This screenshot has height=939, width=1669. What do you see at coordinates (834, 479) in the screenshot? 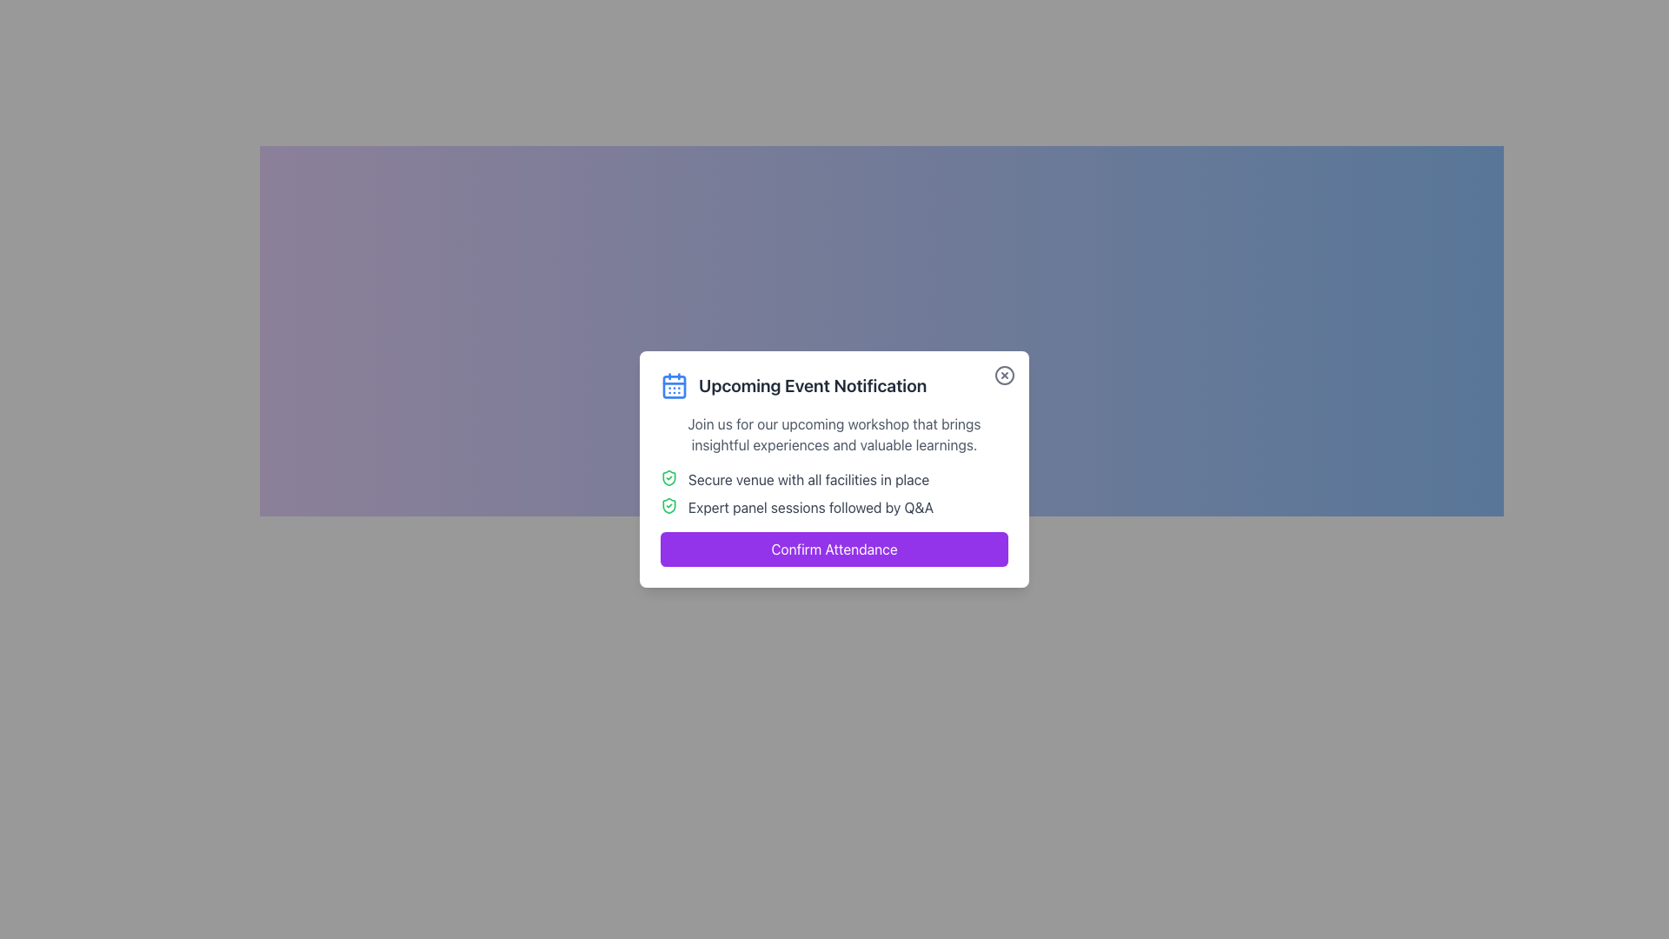
I see `the informational list item displaying the text 'Secure venue with all facilities in place,' which includes a green shield icon with a checkmark, located within the 'Upcoming Event Notification' card` at bounding box center [834, 479].